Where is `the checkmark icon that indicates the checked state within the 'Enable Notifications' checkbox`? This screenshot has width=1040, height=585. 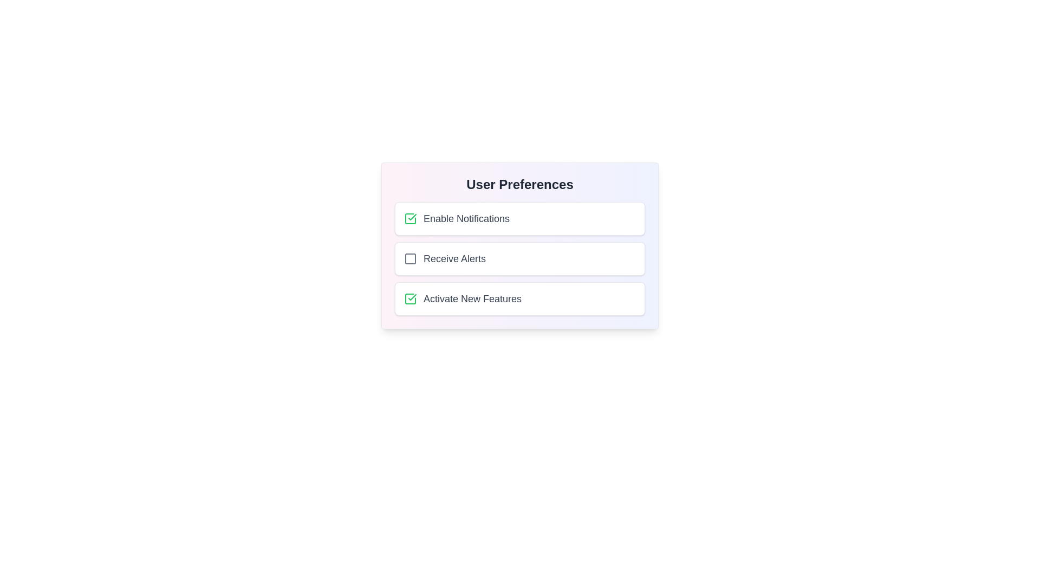 the checkmark icon that indicates the checked state within the 'Enable Notifications' checkbox is located at coordinates (412, 217).